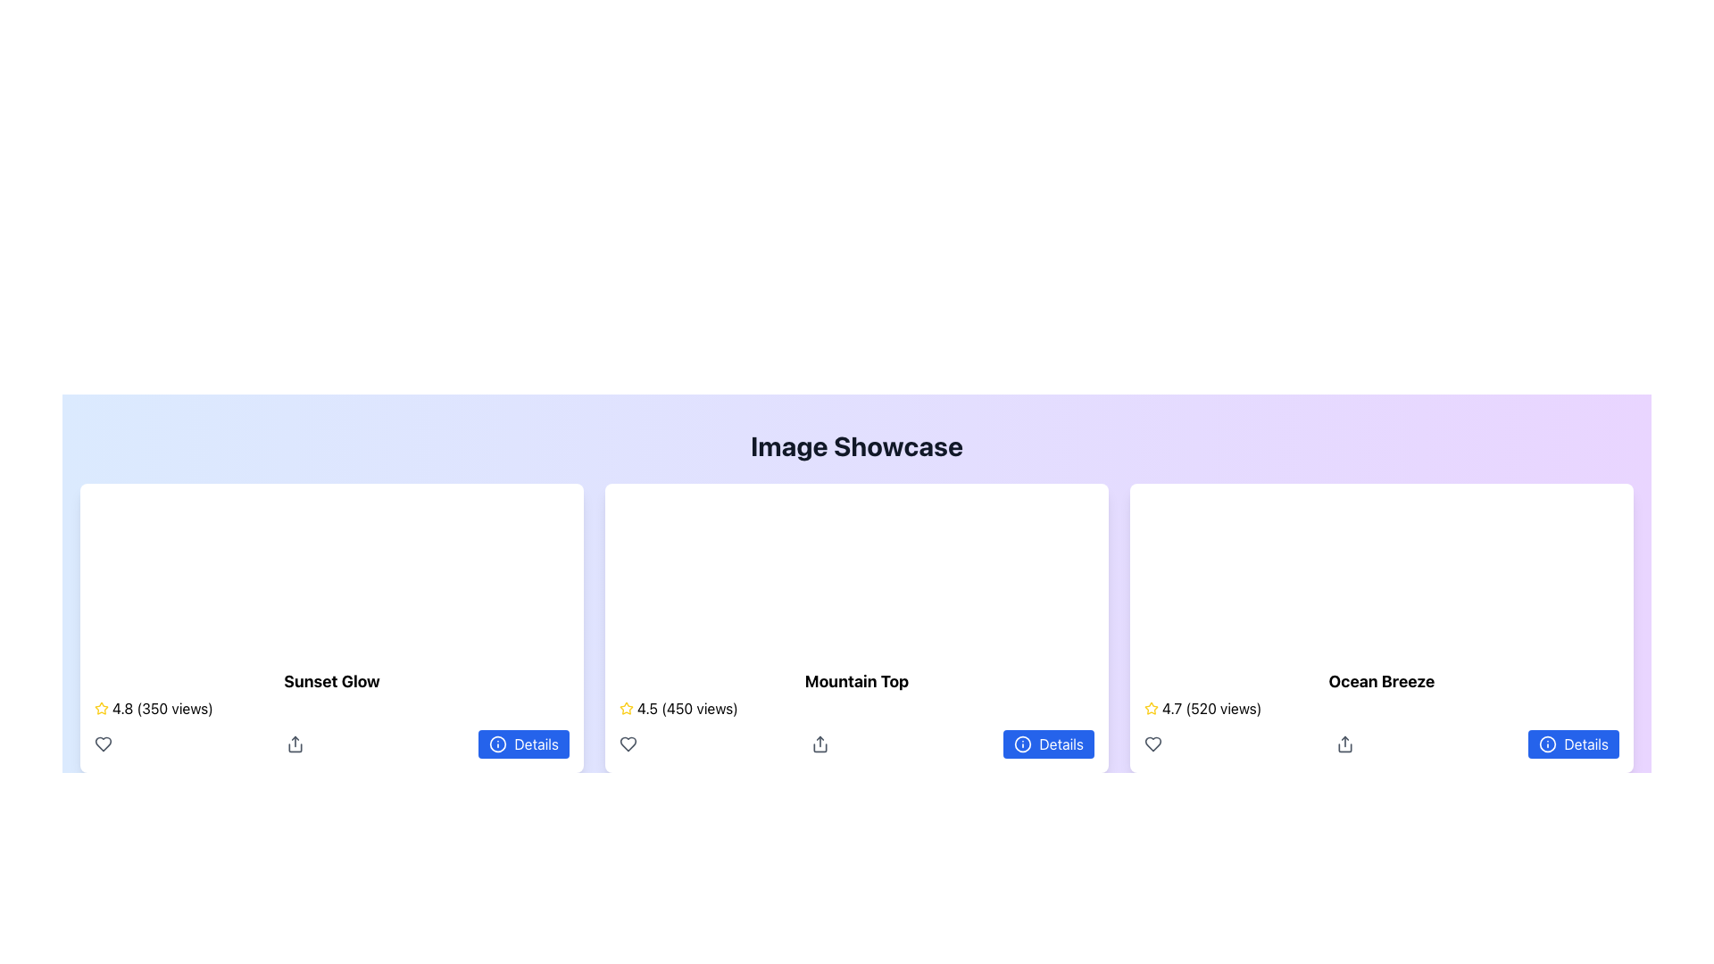 Image resolution: width=1714 pixels, height=964 pixels. I want to click on the Text Label displaying '4.7 (520 views)' located in the rightmost column under the title 'Ocean Breeze', adjacent to the yellow star icon, so click(1211, 708).